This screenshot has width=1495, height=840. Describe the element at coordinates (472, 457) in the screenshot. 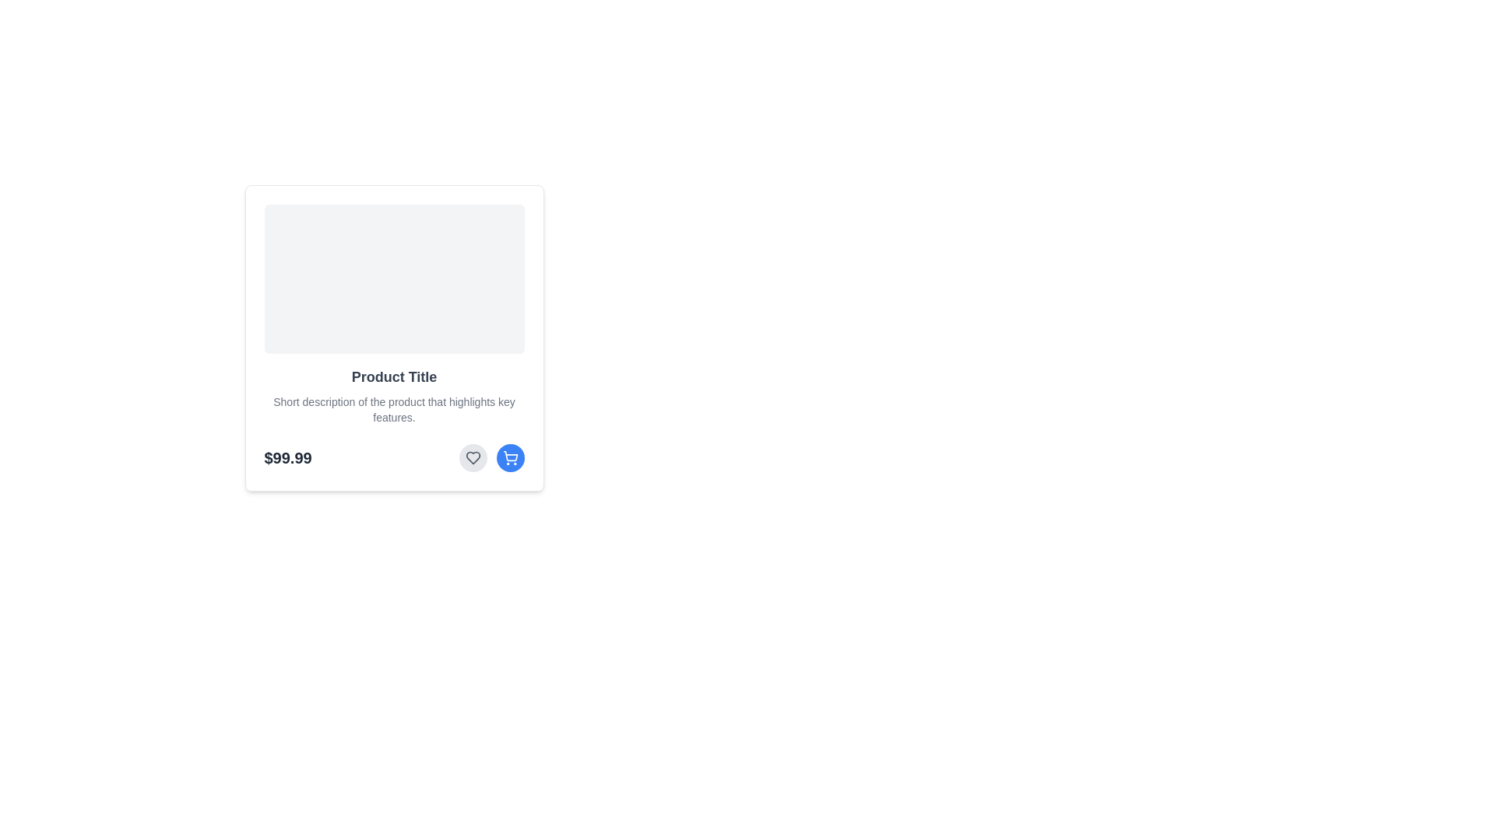

I see `the heart-shaped icon button with a gray outline in a light gray circular background` at that location.